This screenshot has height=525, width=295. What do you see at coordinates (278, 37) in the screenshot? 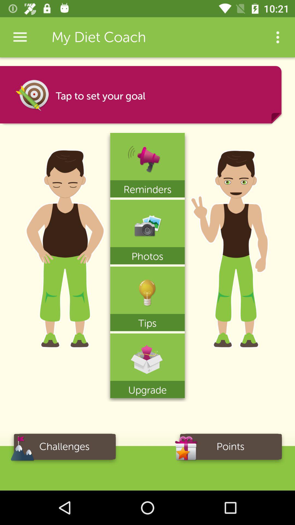
I see `the icon next to my diet coach app` at bounding box center [278, 37].